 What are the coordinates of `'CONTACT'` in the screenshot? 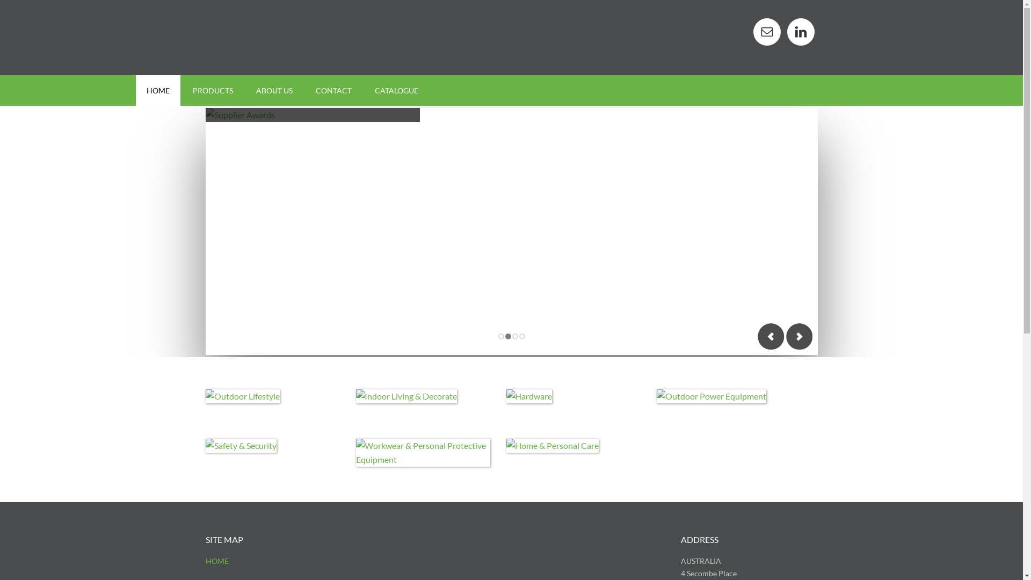 It's located at (333, 90).